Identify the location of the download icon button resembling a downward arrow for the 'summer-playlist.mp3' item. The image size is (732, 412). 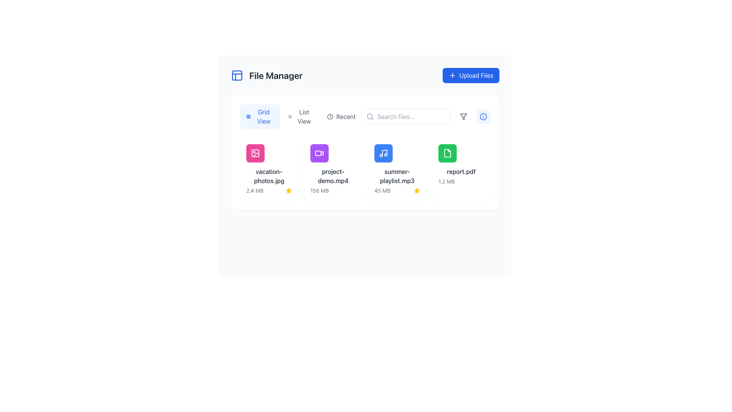
(381, 189).